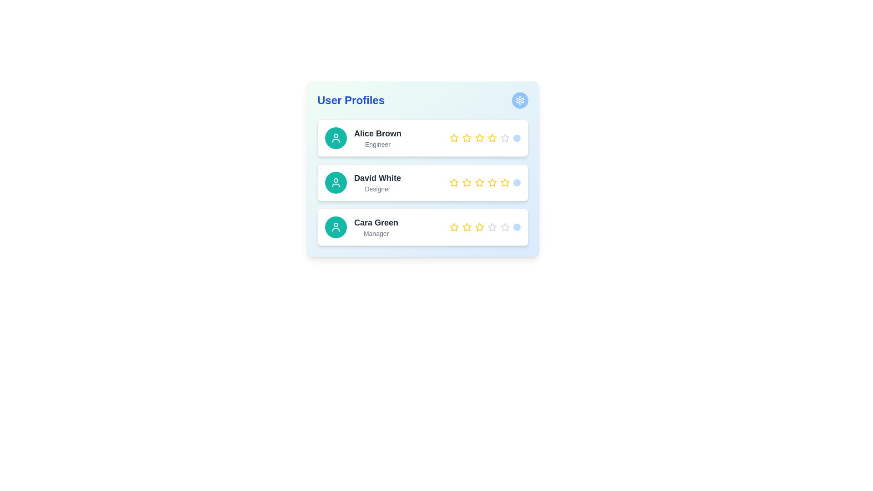  Describe the element at coordinates (376, 233) in the screenshot. I see `the text label displaying 'Manager', which is styled with a small font size and light gray color, located directly beneath the text 'Cara Green' within the profile card of Cara Green` at that location.